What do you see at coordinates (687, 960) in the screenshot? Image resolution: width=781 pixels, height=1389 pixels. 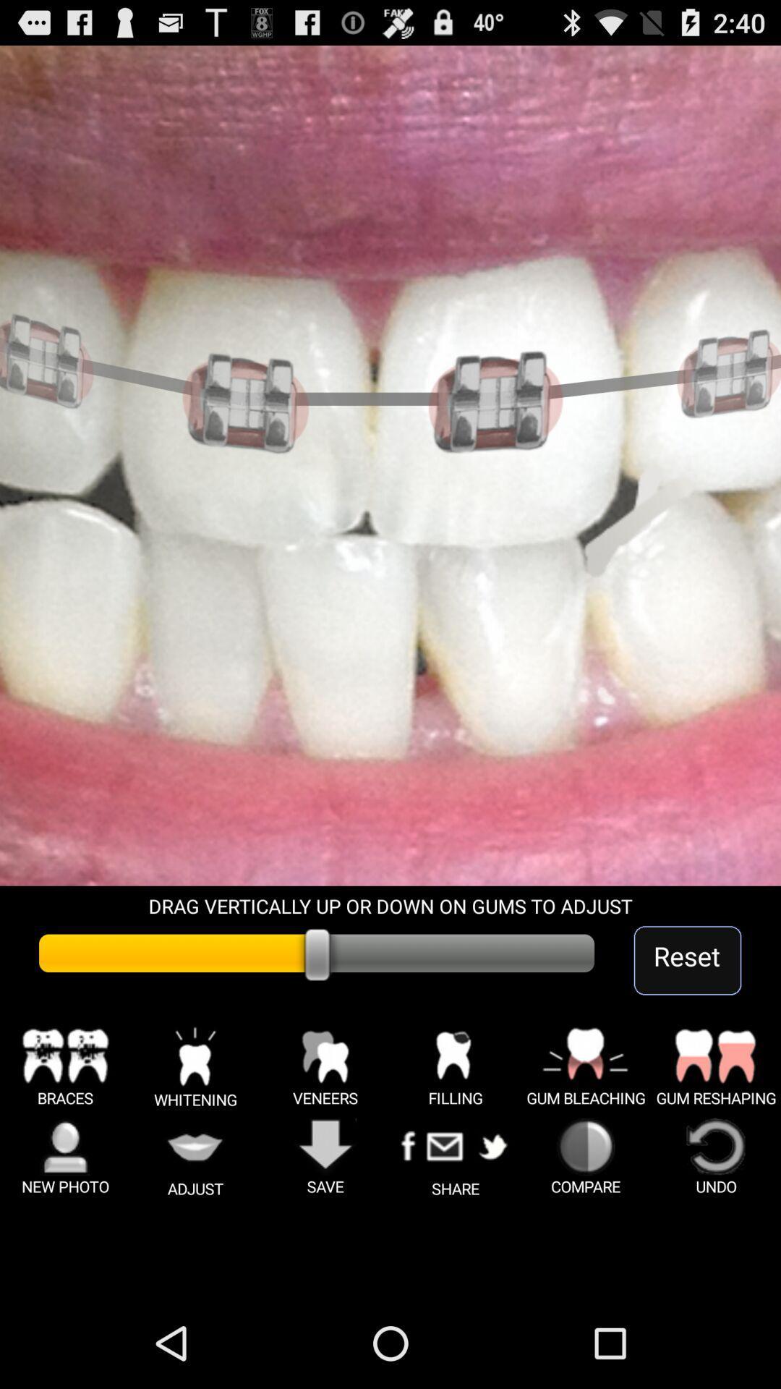 I see `the reset item` at bounding box center [687, 960].